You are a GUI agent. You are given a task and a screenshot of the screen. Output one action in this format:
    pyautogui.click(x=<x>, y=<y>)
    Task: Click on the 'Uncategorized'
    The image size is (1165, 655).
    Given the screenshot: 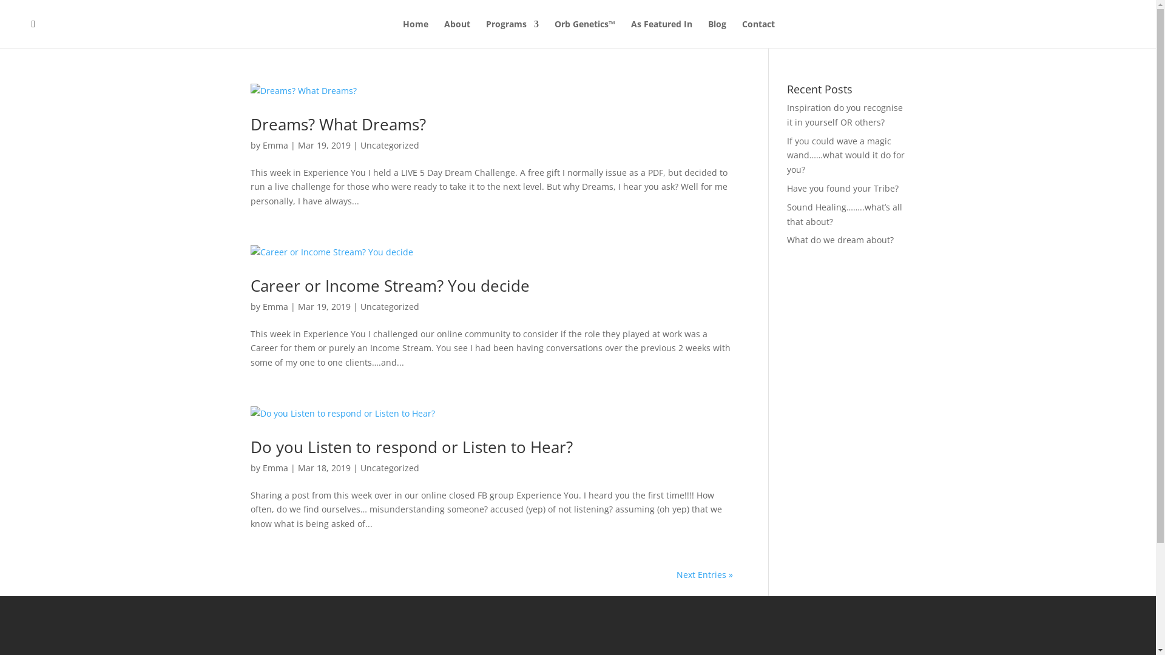 What is the action you would take?
    pyautogui.click(x=390, y=467)
    